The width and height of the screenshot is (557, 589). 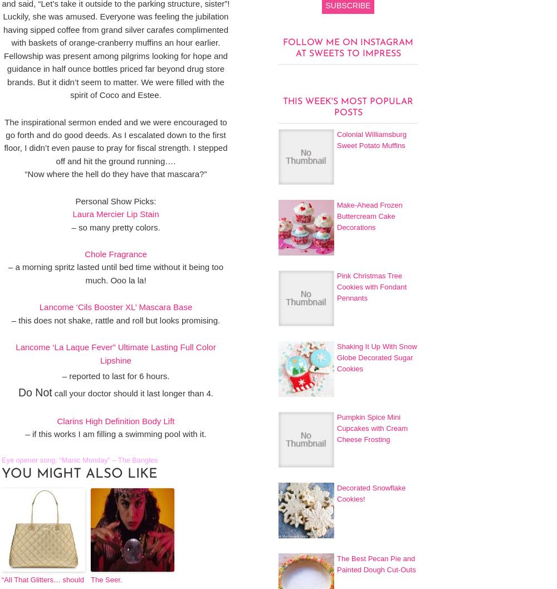 What do you see at coordinates (371, 493) in the screenshot?
I see `'Decorated Snowflake Cookies!'` at bounding box center [371, 493].